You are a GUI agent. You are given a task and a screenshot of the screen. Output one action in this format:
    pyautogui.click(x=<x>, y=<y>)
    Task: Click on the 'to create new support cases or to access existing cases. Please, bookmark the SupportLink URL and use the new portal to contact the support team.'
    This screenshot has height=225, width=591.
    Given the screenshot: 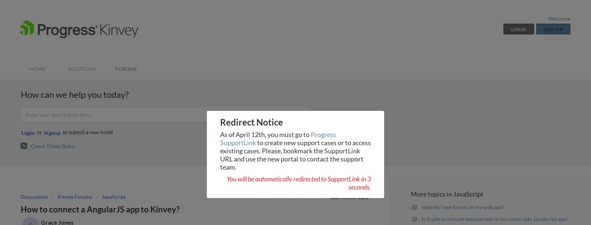 What is the action you would take?
    pyautogui.click(x=295, y=154)
    